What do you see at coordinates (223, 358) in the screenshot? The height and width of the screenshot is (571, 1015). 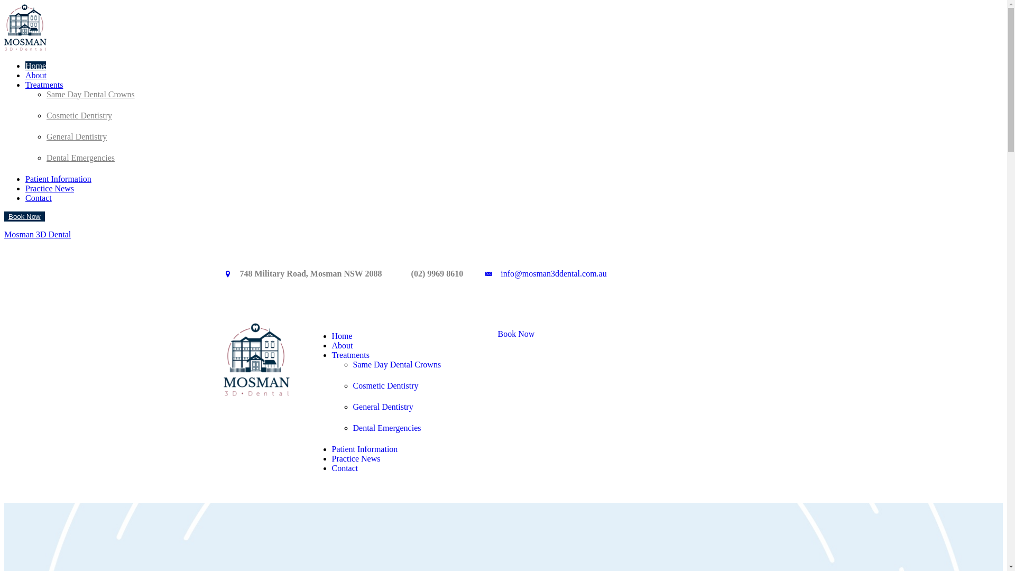 I see `'Mosman-3d-logo-150x150'` at bounding box center [223, 358].